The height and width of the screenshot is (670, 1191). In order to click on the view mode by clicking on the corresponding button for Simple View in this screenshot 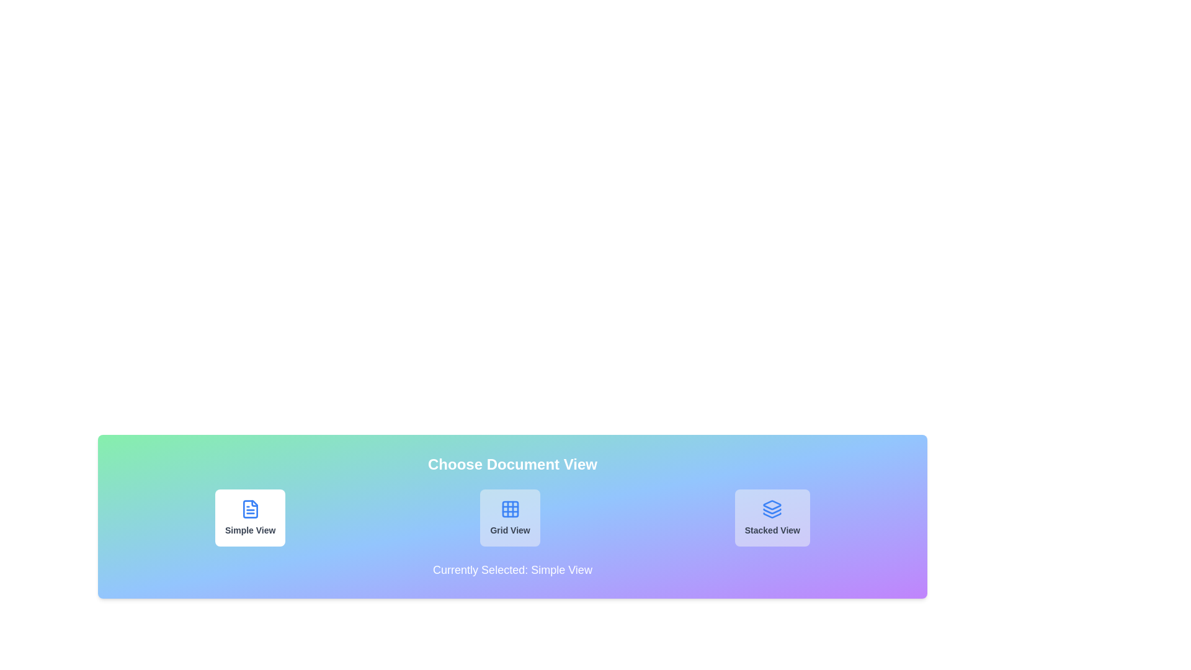, I will do `click(249, 517)`.